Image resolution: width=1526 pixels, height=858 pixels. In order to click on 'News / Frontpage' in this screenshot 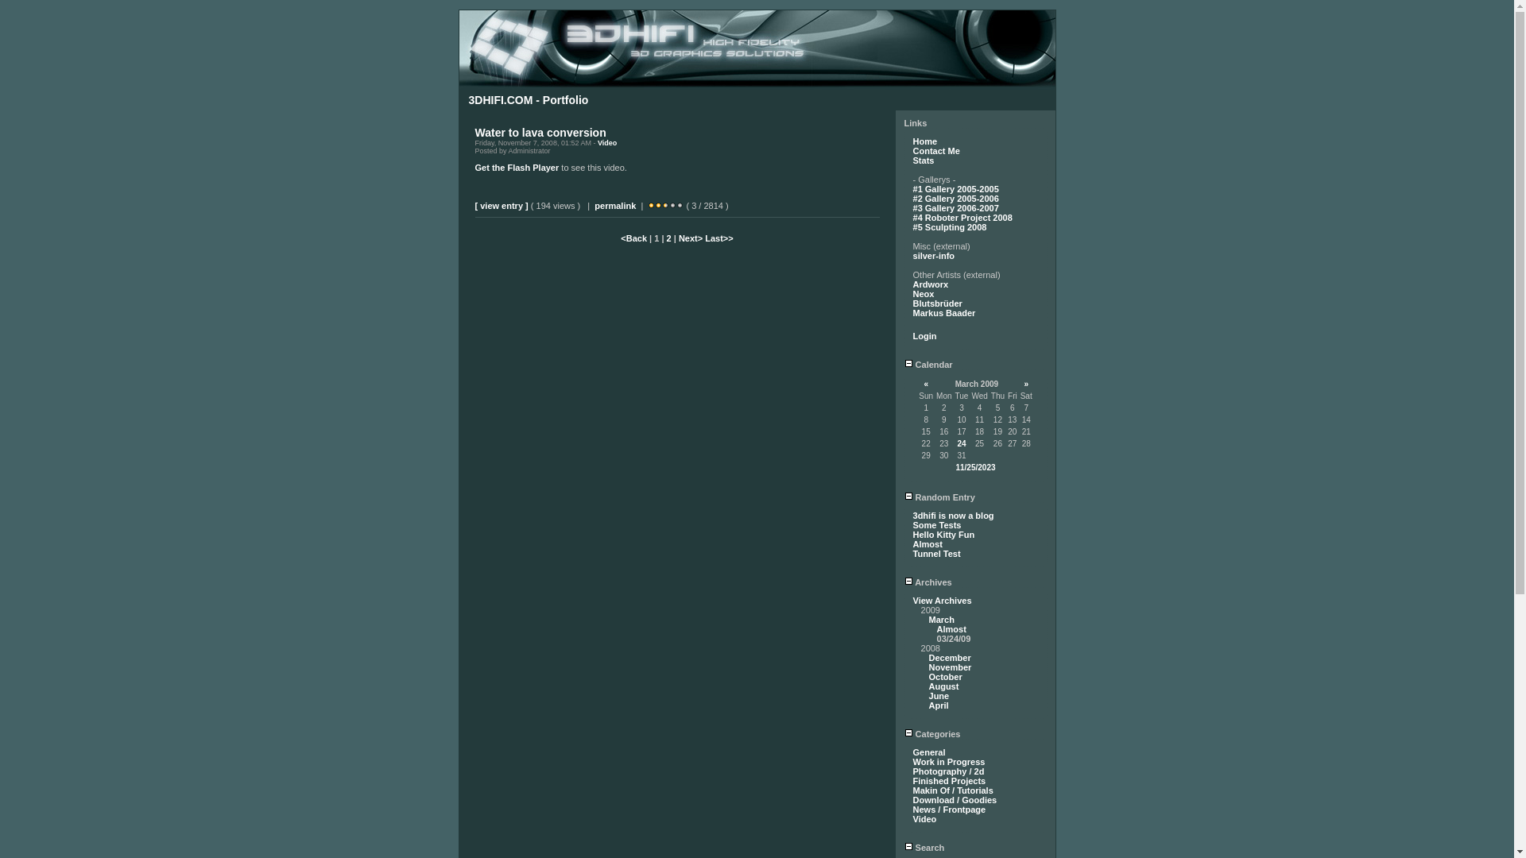, I will do `click(950, 809)`.